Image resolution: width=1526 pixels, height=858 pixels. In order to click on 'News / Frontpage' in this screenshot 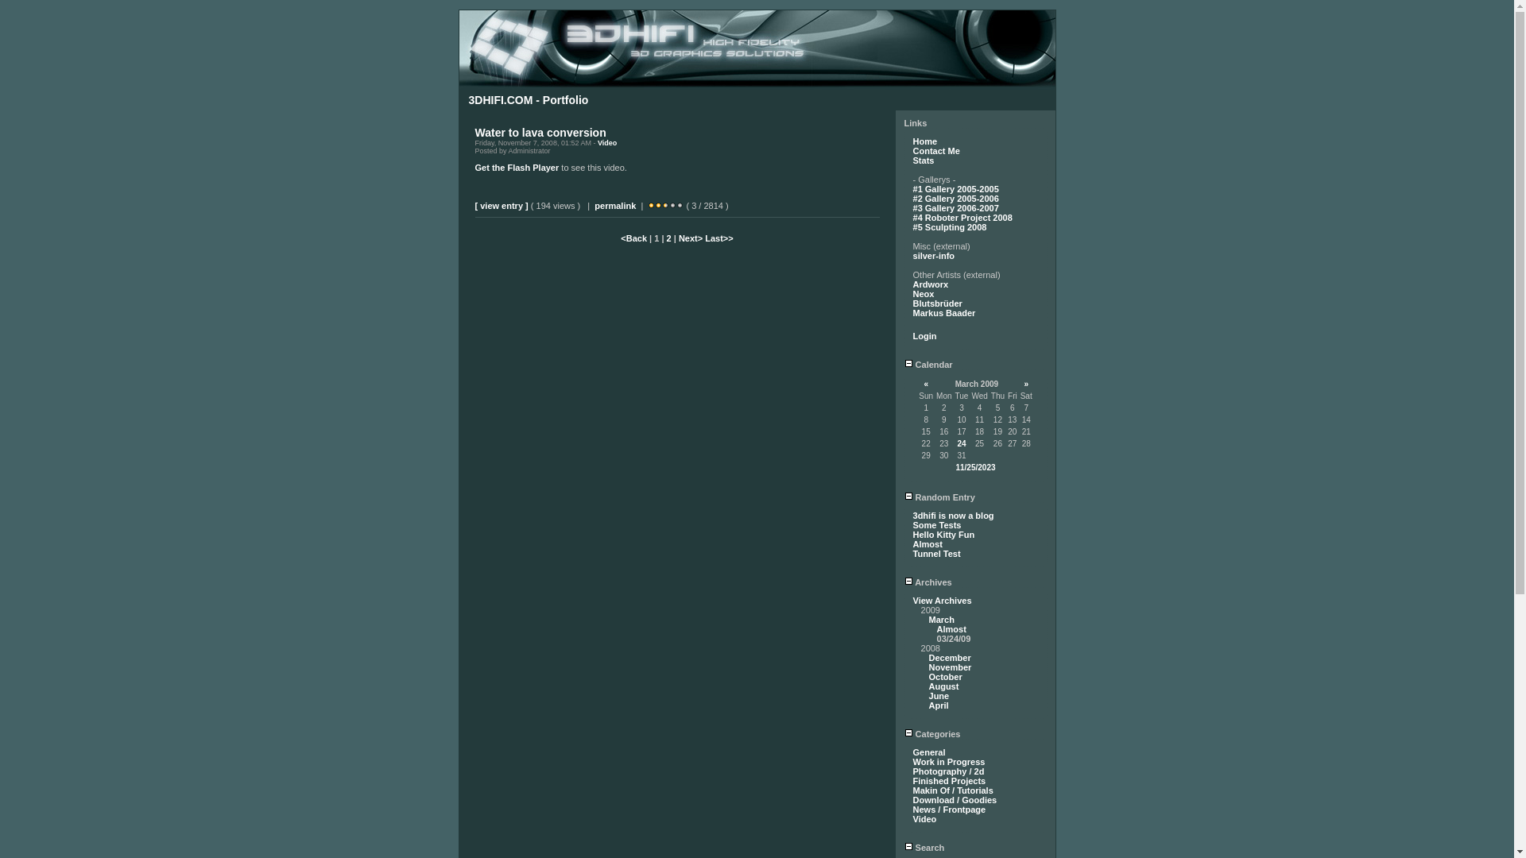, I will do `click(950, 809)`.